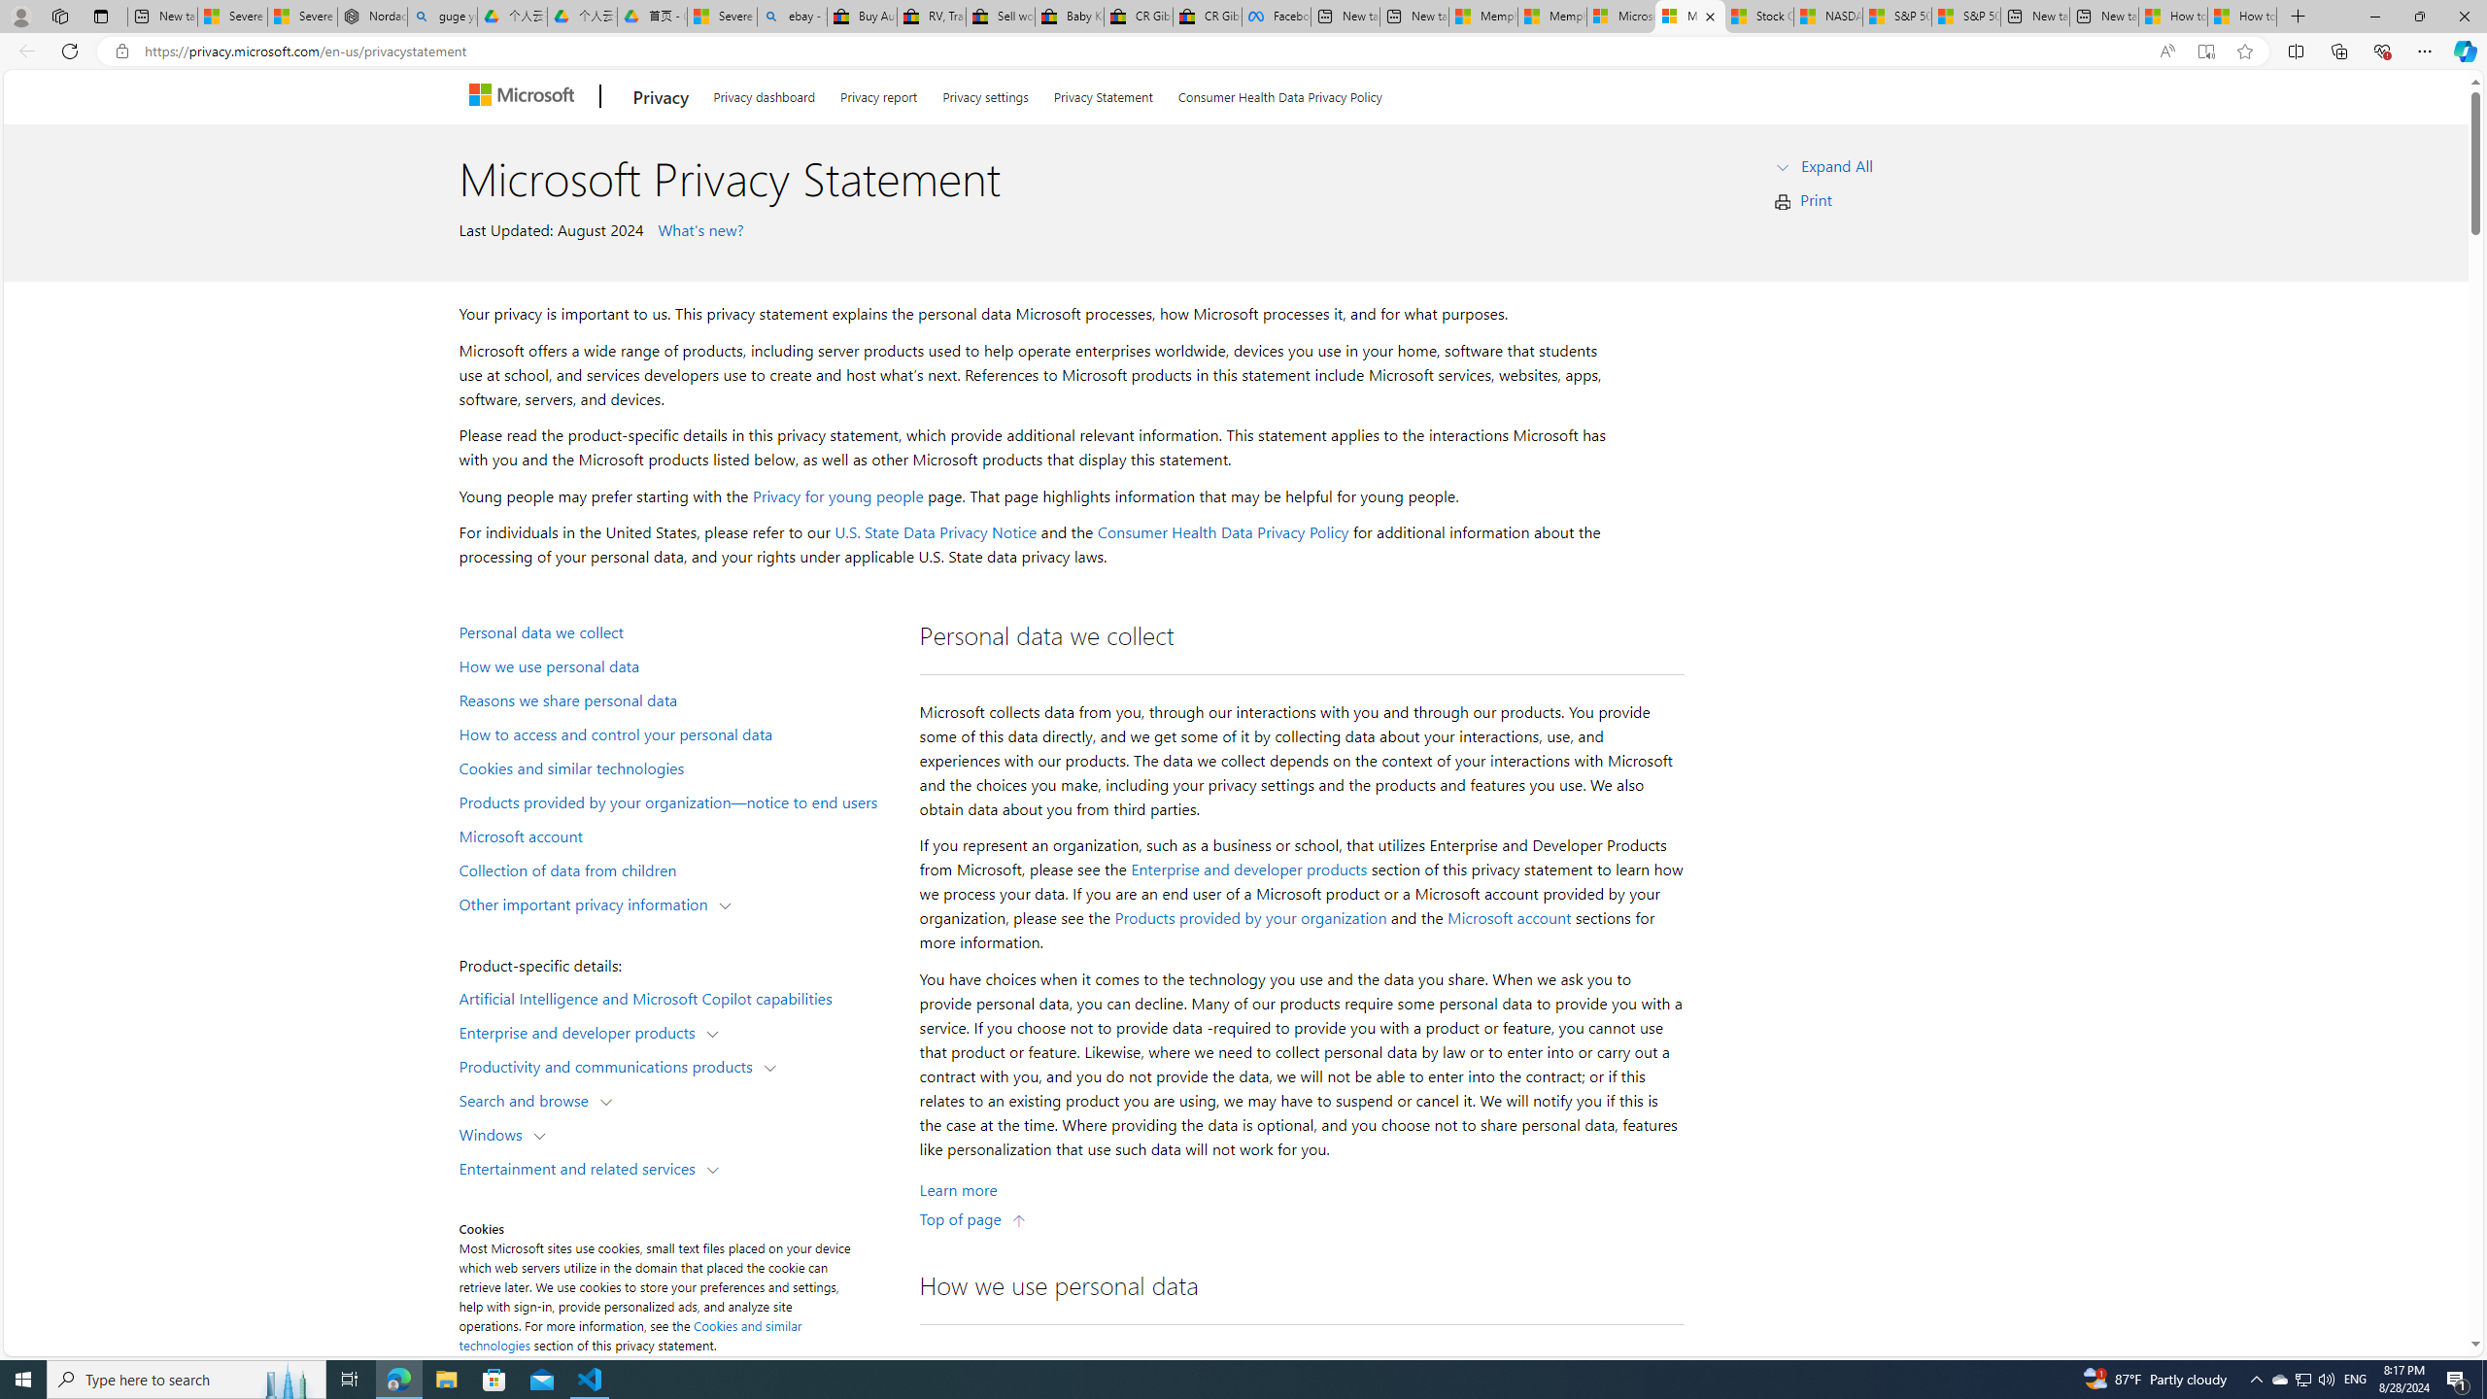 Image resolution: width=2487 pixels, height=1399 pixels. Describe the element at coordinates (958, 1190) in the screenshot. I see `'Learn More about Personal data we collect'` at that location.